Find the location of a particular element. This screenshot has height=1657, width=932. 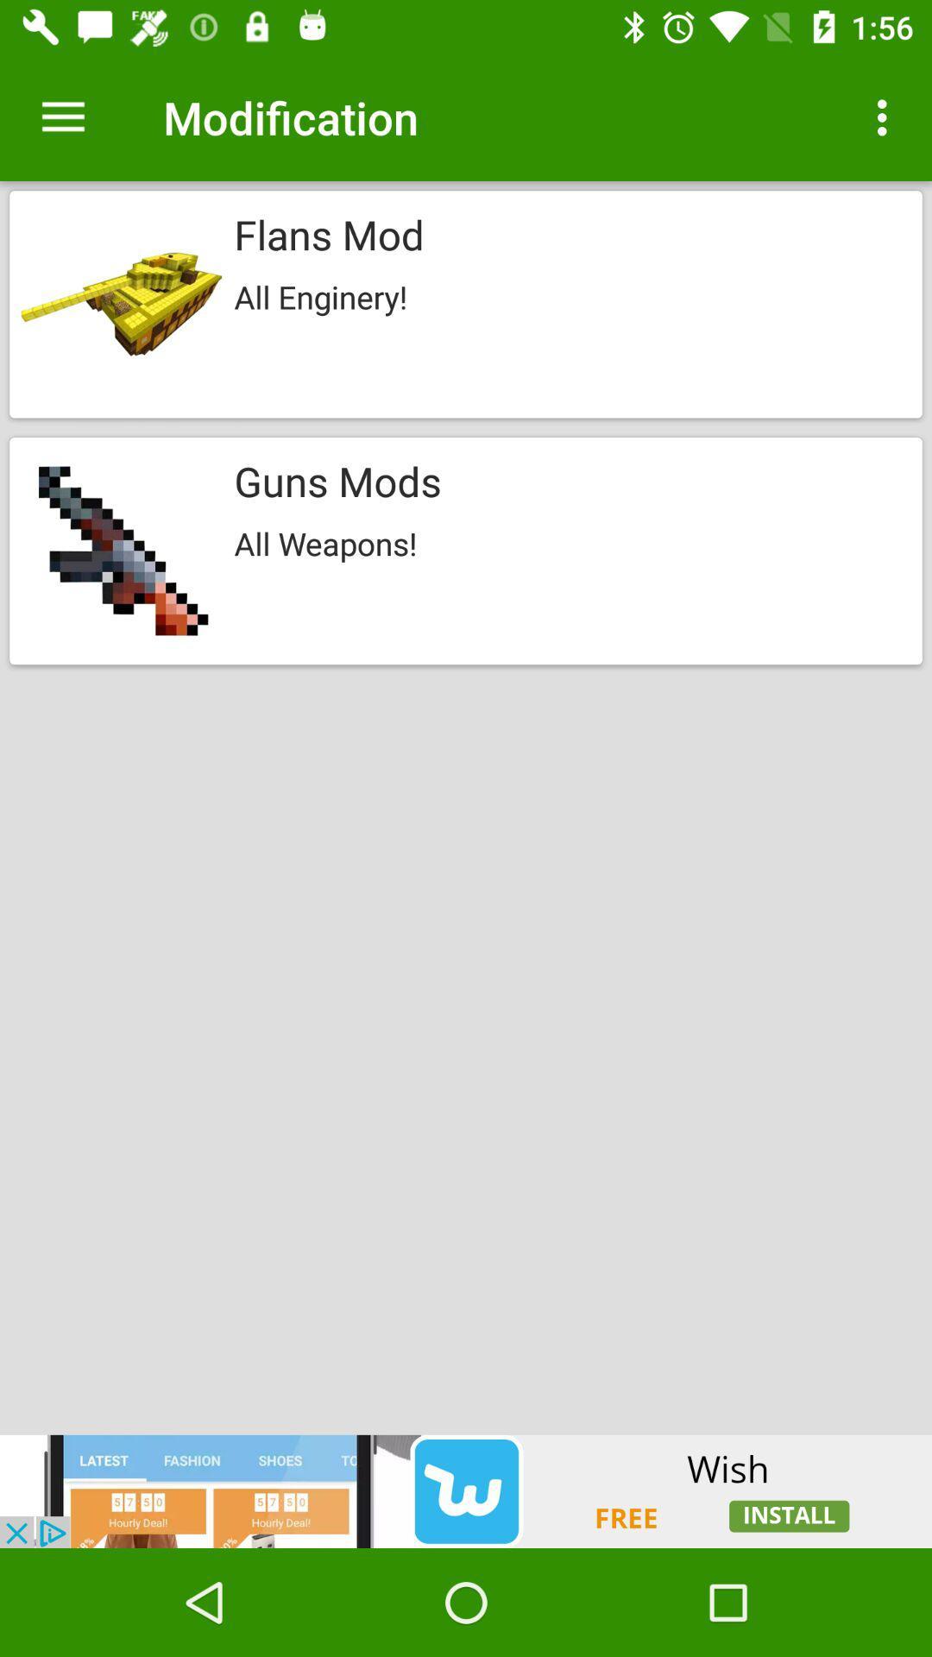

visit our advertisements is located at coordinates (466, 1490).